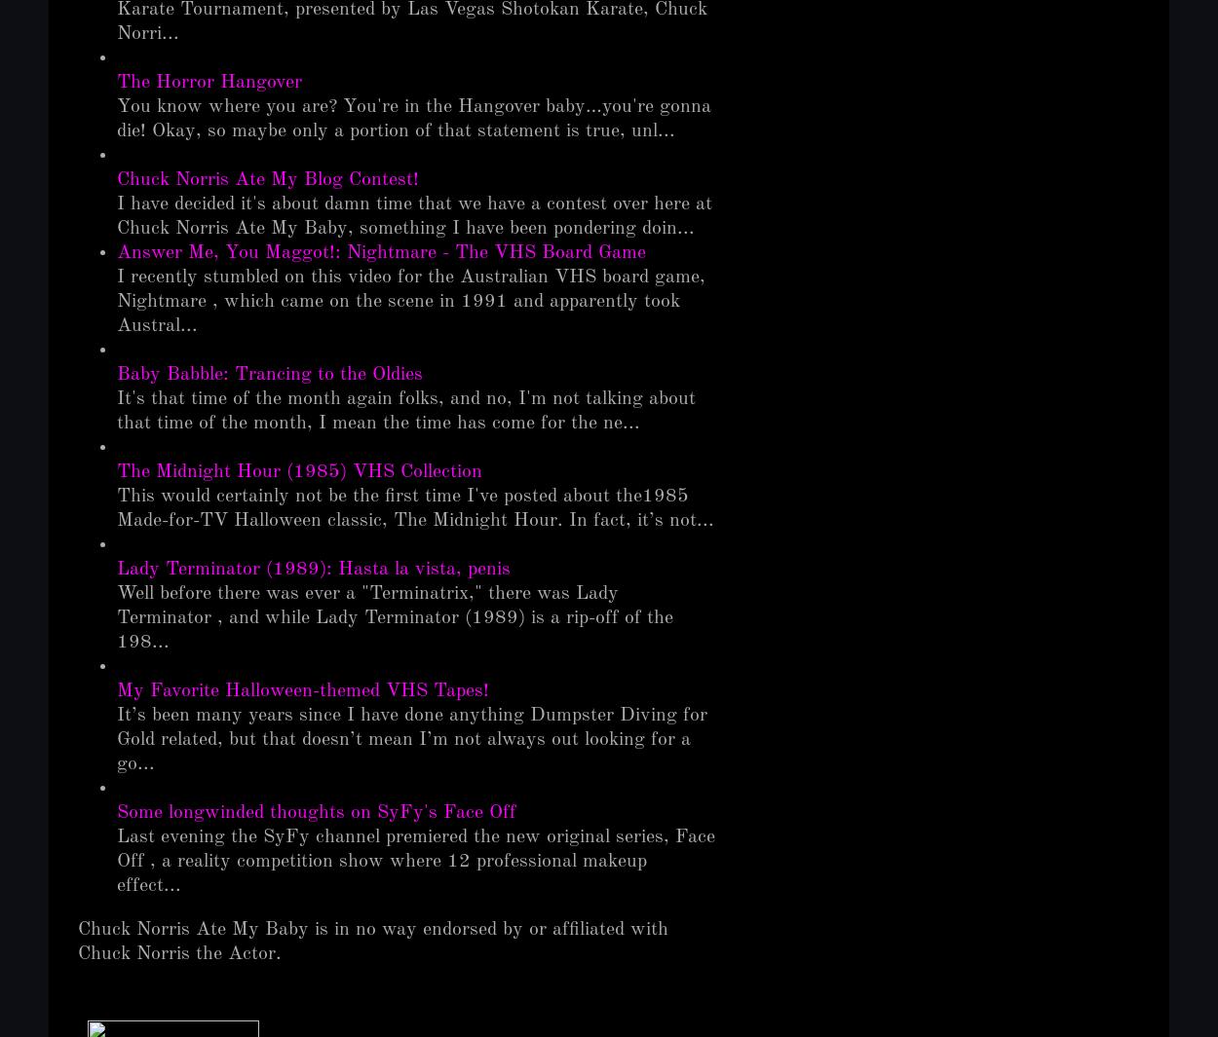 Image resolution: width=1218 pixels, height=1037 pixels. I want to click on 'Chuck Norris Ate My Baby is in no way endorsed by or affiliated with Chuck Norris the Actor.', so click(373, 941).